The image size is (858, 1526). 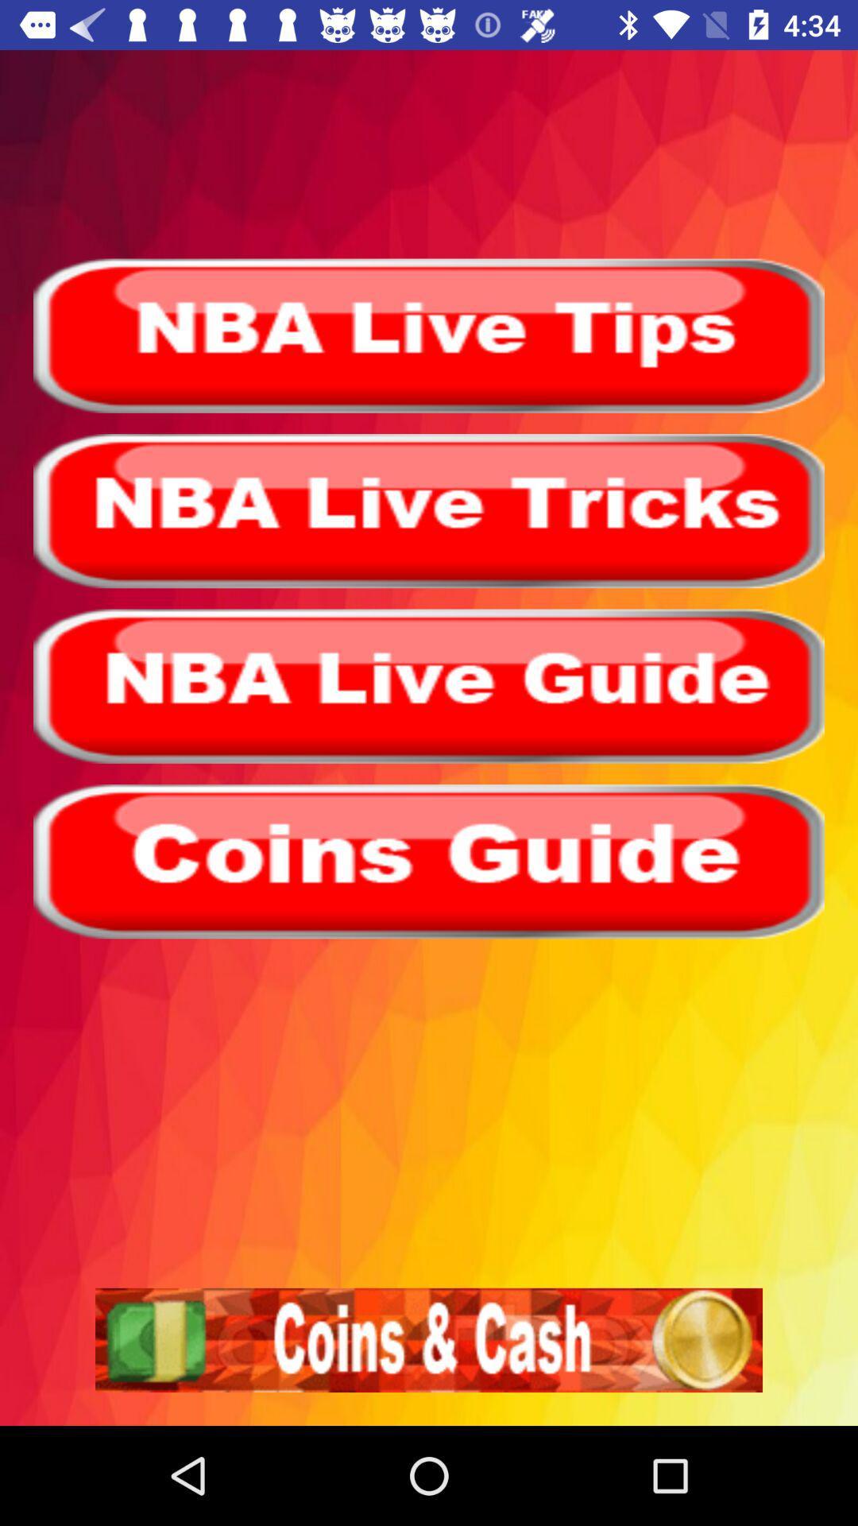 What do you see at coordinates (429, 861) in the screenshot?
I see `guide` at bounding box center [429, 861].